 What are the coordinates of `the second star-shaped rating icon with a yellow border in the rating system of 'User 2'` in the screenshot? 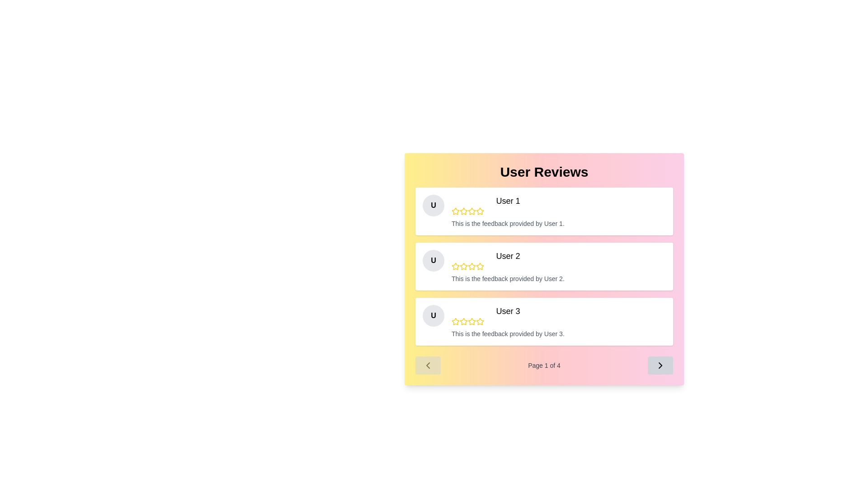 It's located at (464, 266).